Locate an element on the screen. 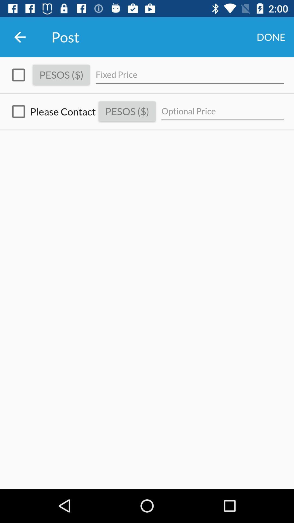 Image resolution: width=294 pixels, height=523 pixels. done is located at coordinates (271, 37).